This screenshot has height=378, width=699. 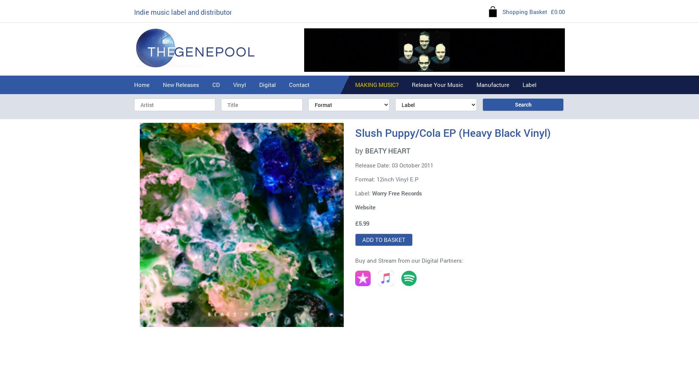 What do you see at coordinates (386, 178) in the screenshot?
I see `'Format: 12inch Vinyl E.P'` at bounding box center [386, 178].